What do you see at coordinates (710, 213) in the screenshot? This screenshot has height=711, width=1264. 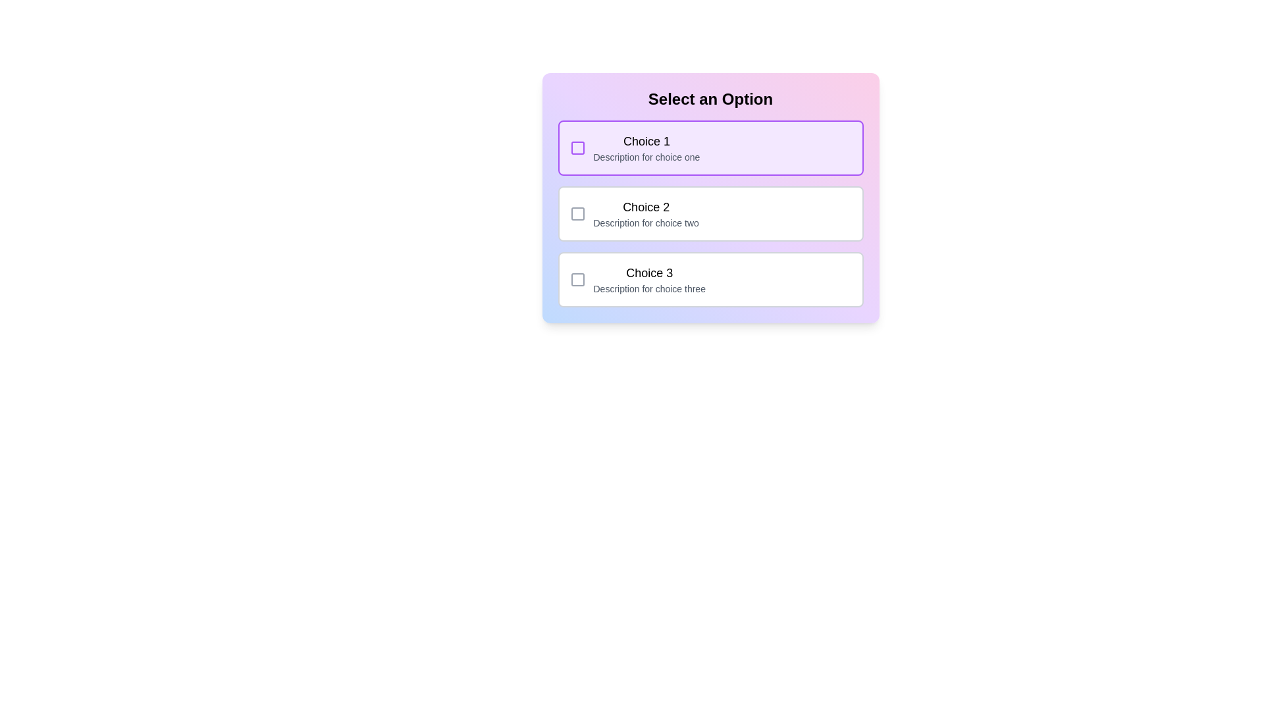 I see `the second option` at bounding box center [710, 213].